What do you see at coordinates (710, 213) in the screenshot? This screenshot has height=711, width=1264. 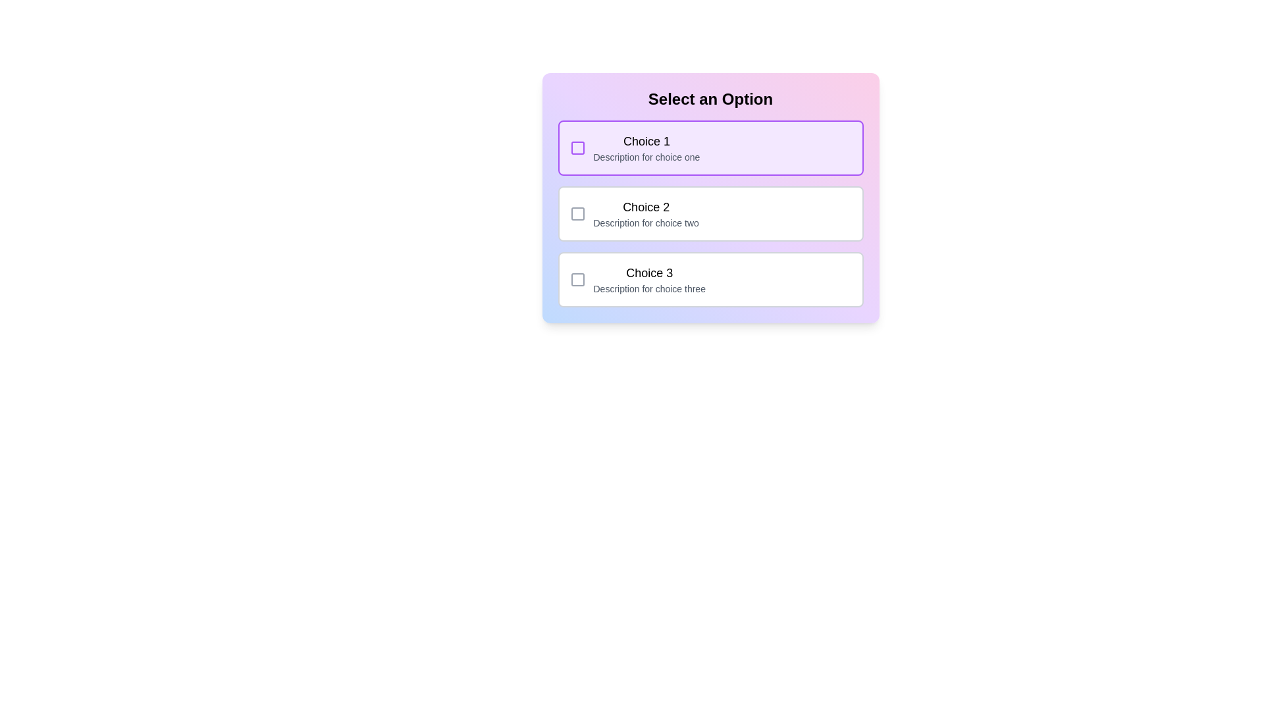 I see `the second option` at bounding box center [710, 213].